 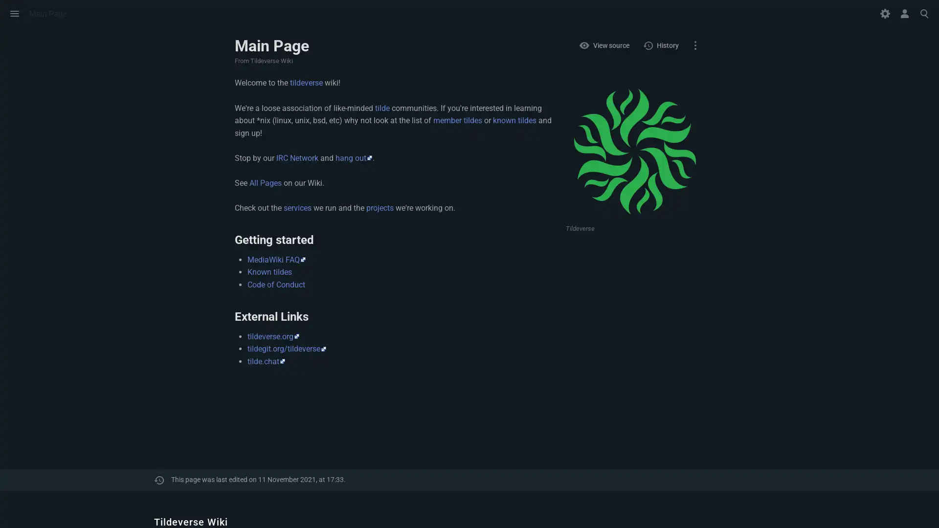 I want to click on Toggle personal menu, so click(x=904, y=13).